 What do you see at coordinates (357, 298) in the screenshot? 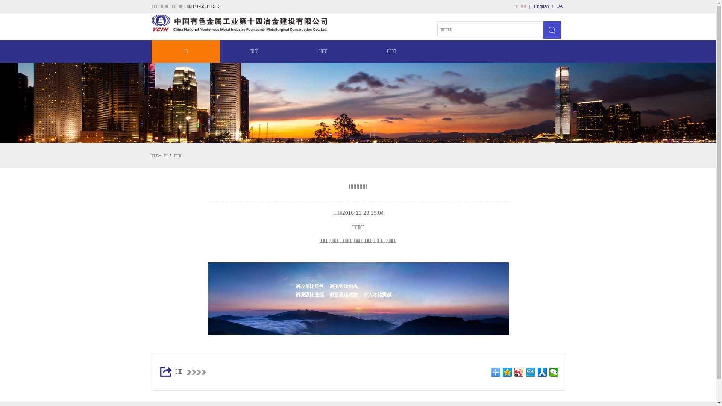
I see `'01'` at bounding box center [357, 298].